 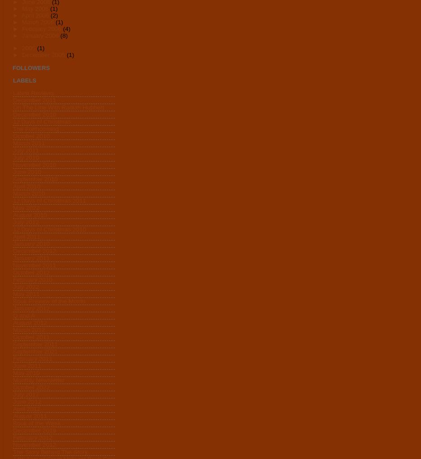 What do you see at coordinates (35, 444) in the screenshot?
I see `'November 2012'` at bounding box center [35, 444].